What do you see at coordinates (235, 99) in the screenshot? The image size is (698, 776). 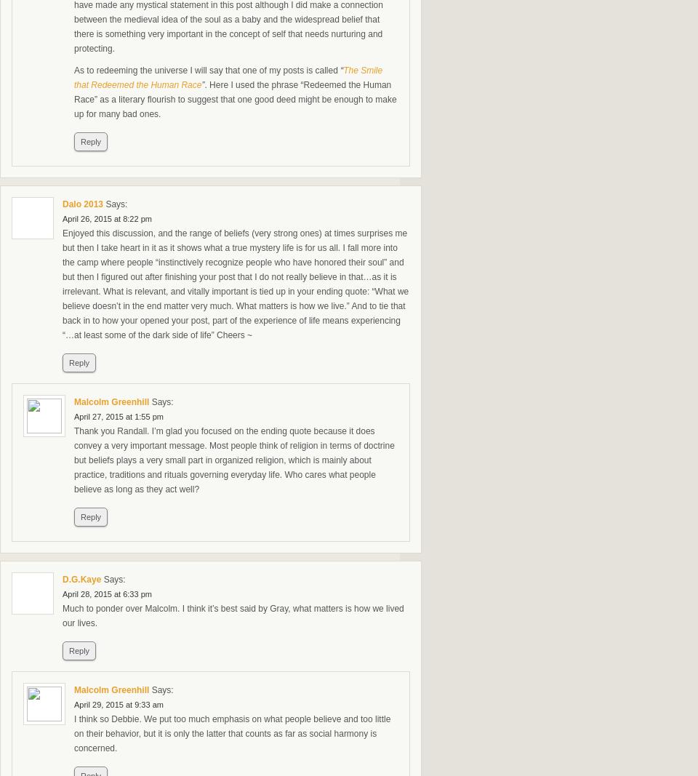 I see `'. Here I used the phrase “Redeemed the Human Race” as a literary flourish to suggest that one good deed might be enough to make up for many bad ones.'` at bounding box center [235, 99].